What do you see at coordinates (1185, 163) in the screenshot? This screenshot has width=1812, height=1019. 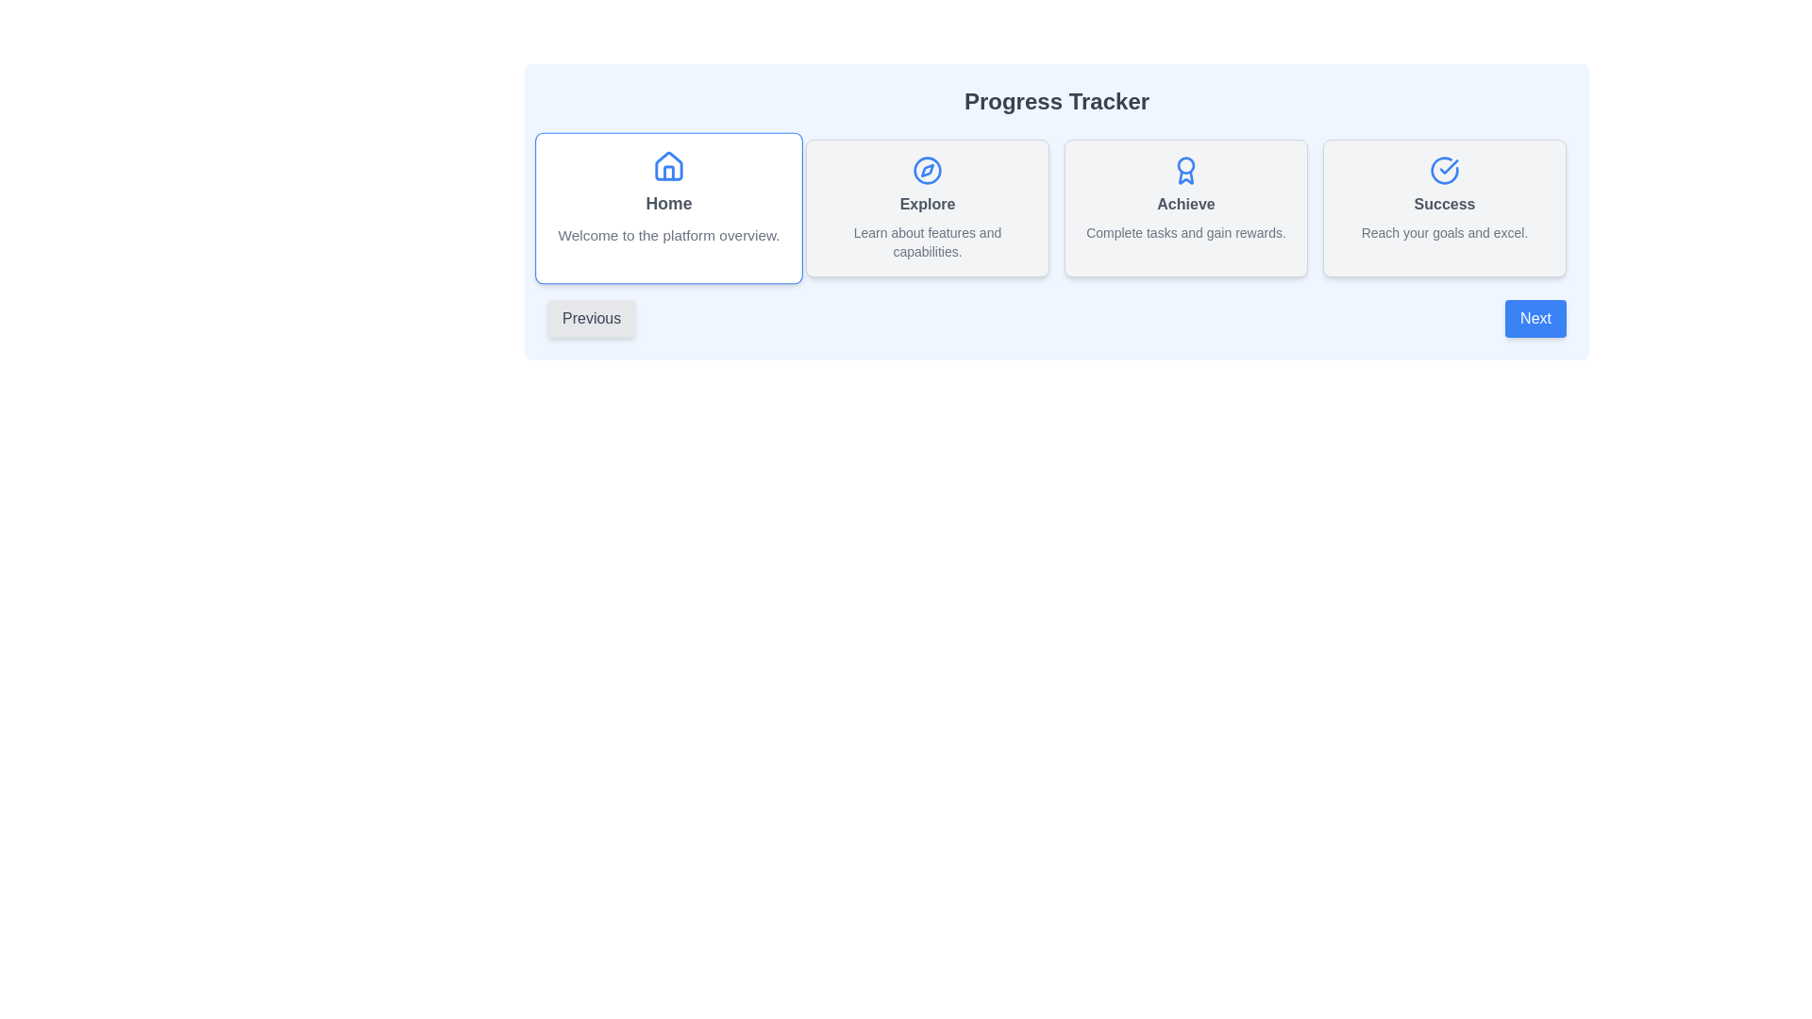 I see `the decorative graphic component of the award icon, which visually represents achievements in the Progress Tracker section above the 'Achieve' card` at bounding box center [1185, 163].